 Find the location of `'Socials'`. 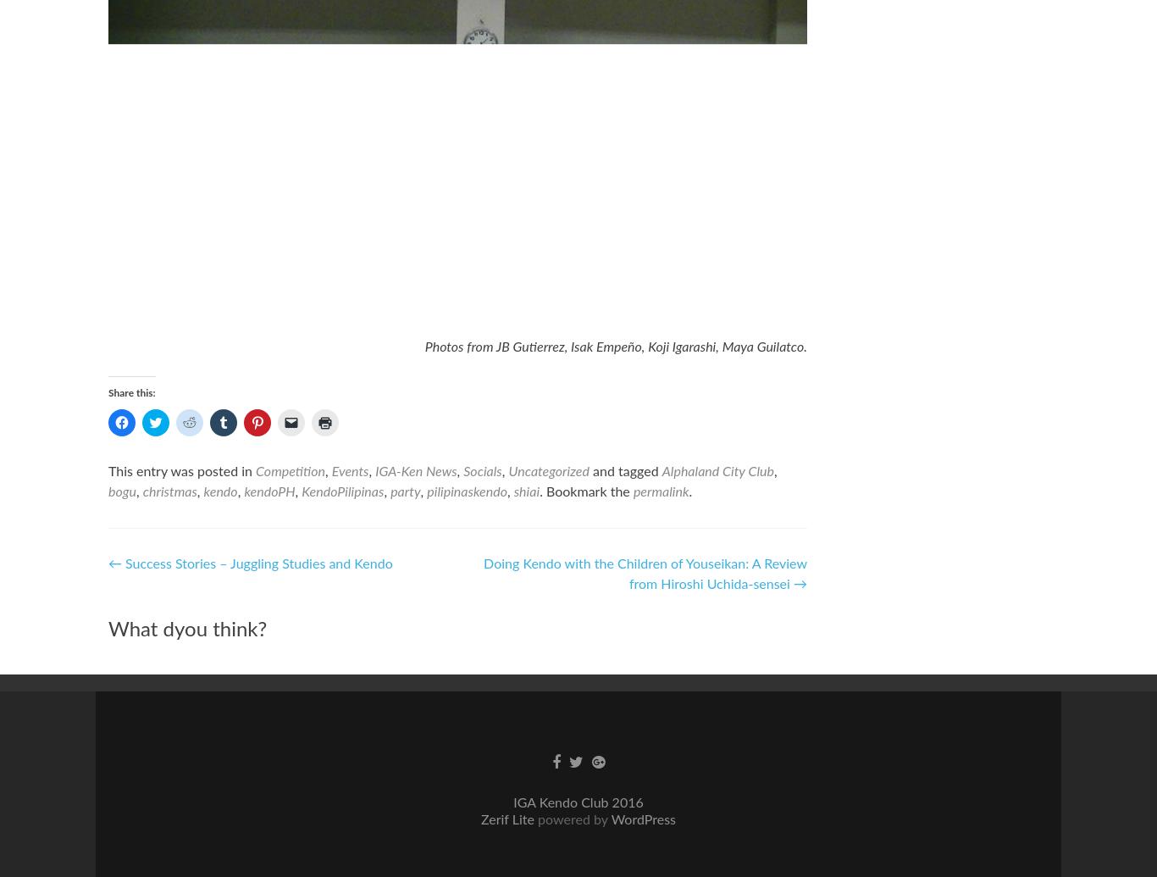

'Socials' is located at coordinates (482, 471).